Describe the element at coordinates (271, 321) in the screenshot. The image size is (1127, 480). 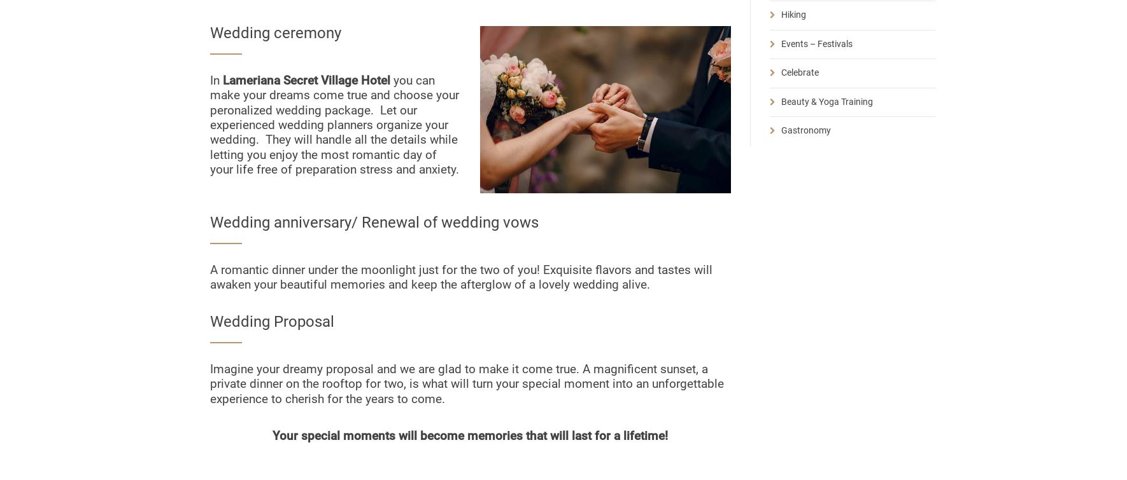
I see `'Wedding Proposal'` at that location.